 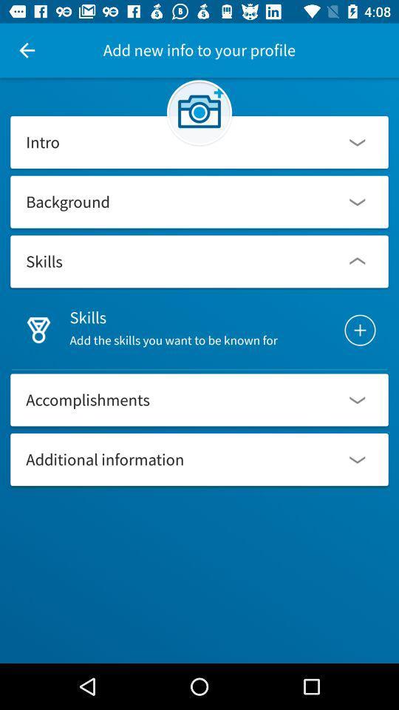 I want to click on background, so click(x=199, y=201).